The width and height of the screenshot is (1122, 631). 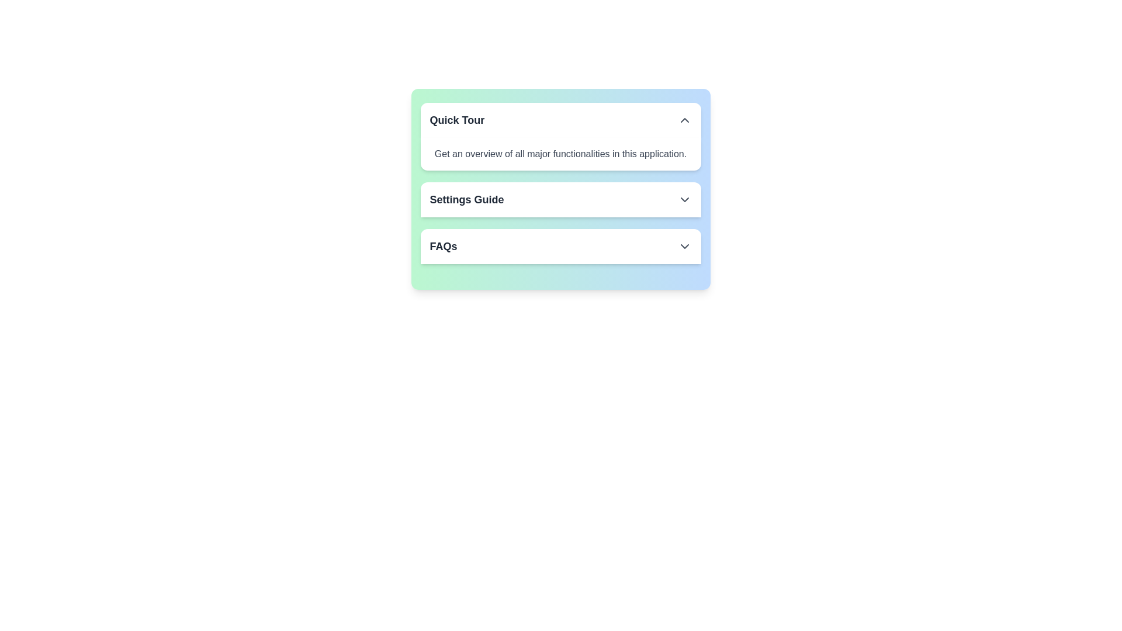 What do you see at coordinates (684, 120) in the screenshot?
I see `the upward-pointing gray chevron icon located to the right of the 'Quick Tour' text in the top panel` at bounding box center [684, 120].